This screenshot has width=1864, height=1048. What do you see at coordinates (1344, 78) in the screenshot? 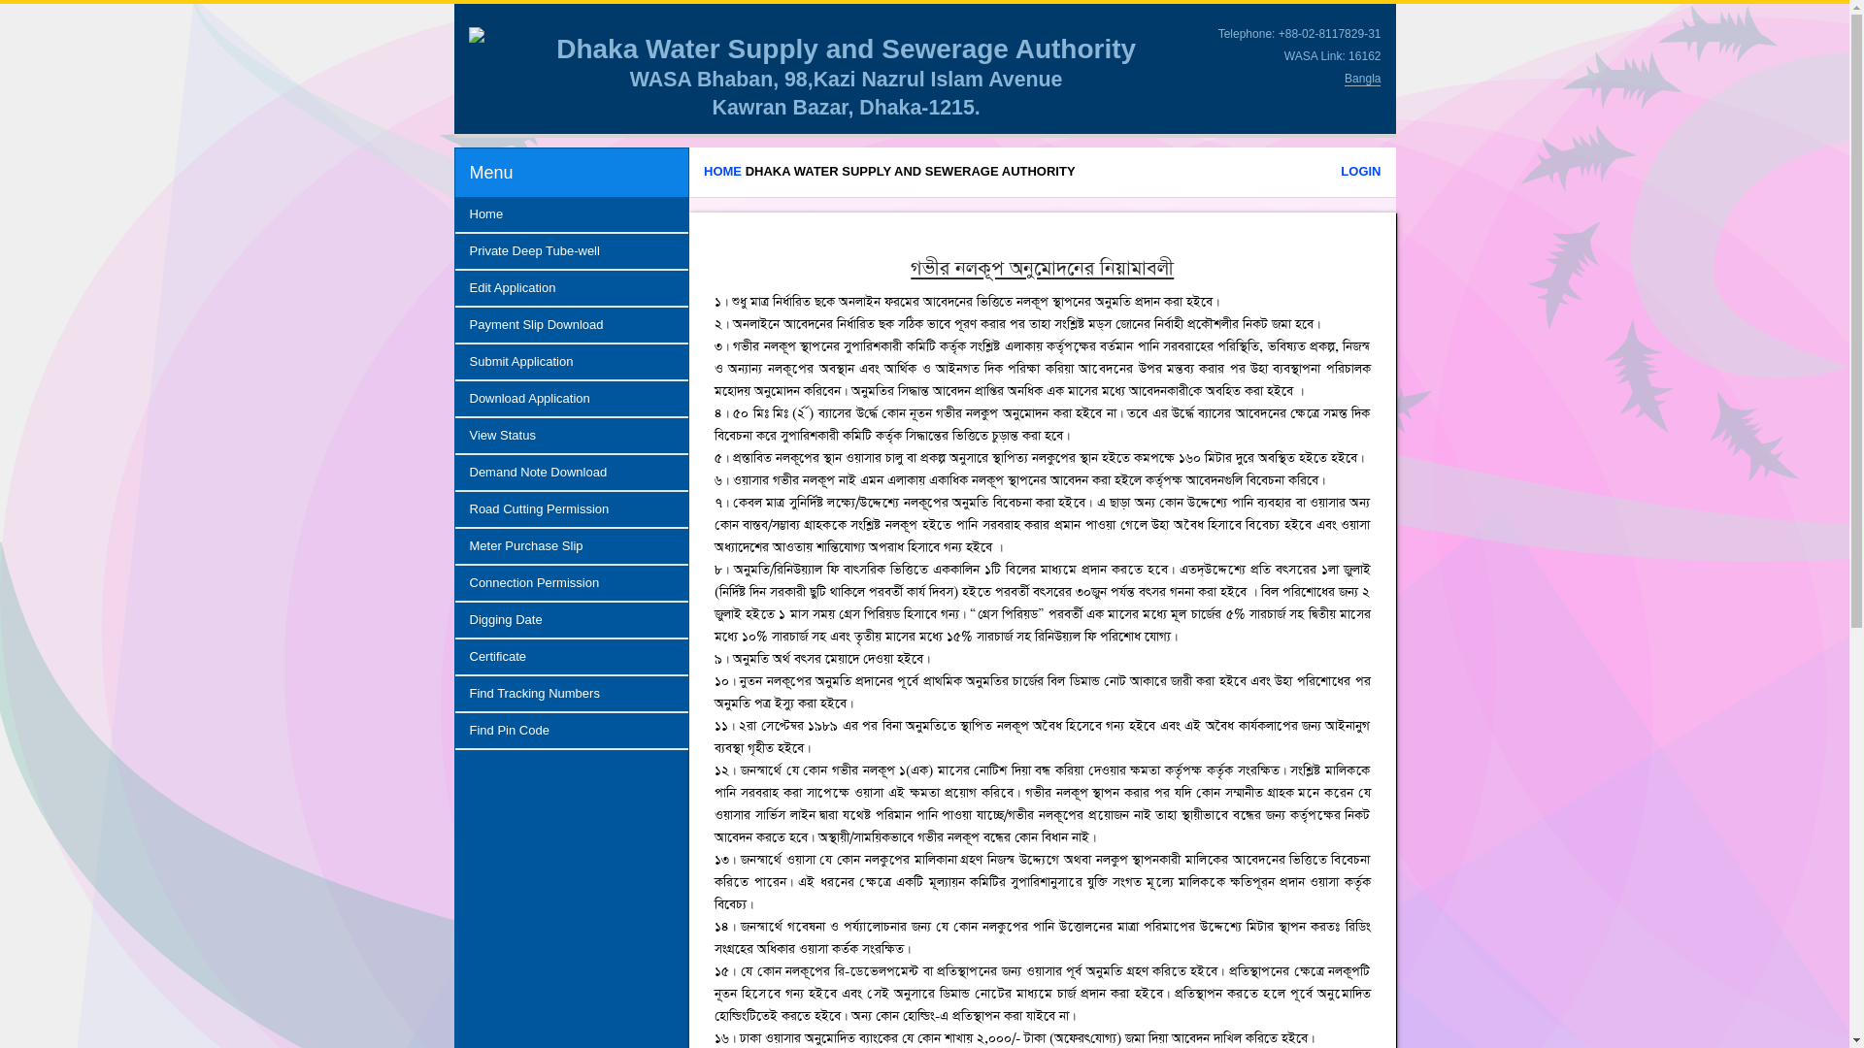
I see `'Bangla'` at bounding box center [1344, 78].